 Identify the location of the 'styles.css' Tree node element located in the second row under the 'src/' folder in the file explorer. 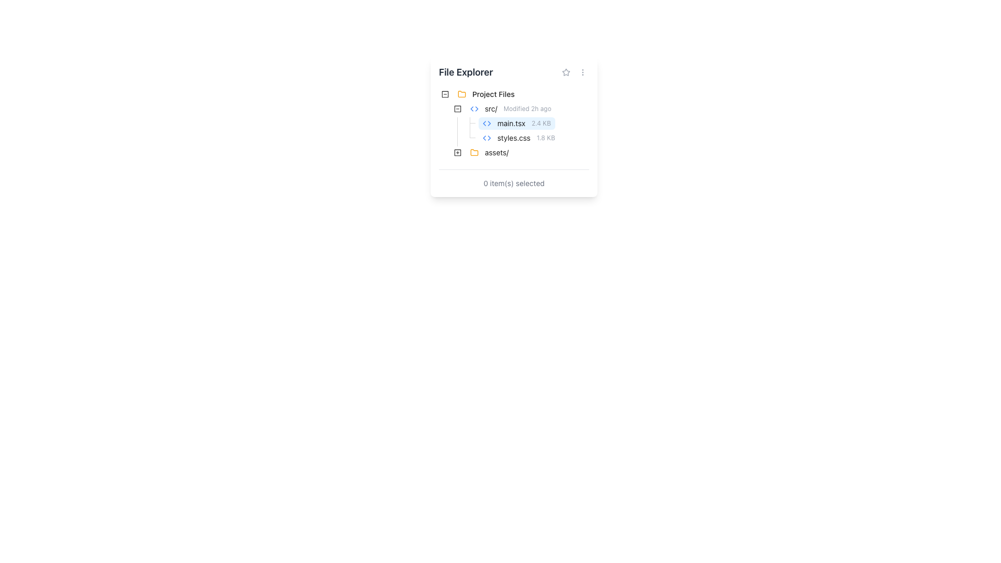
(519, 138).